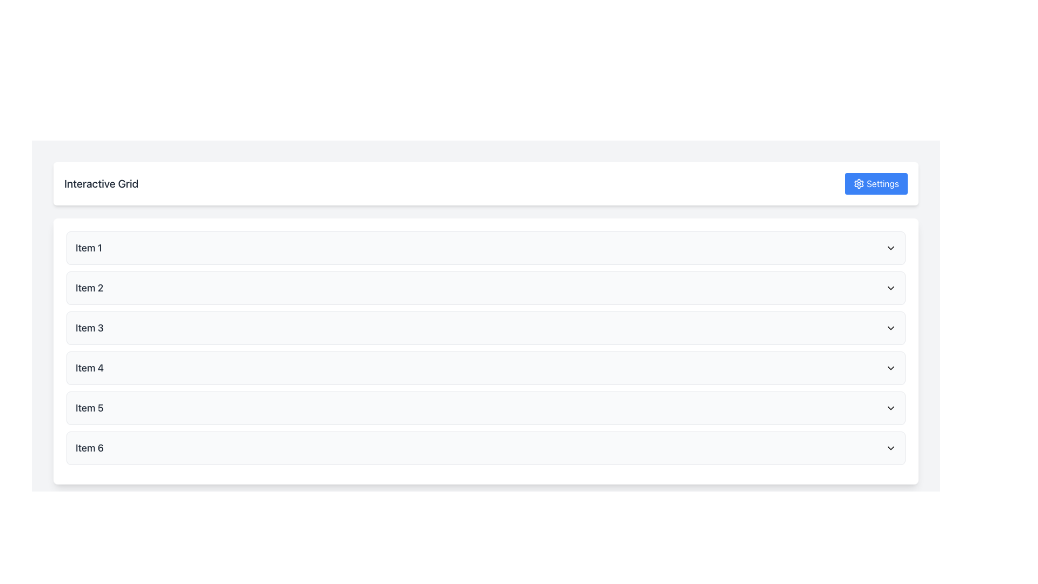 The width and height of the screenshot is (1038, 584). What do you see at coordinates (485, 248) in the screenshot?
I see `the first list item labeled 'Item 1' with a dropdown indicator` at bounding box center [485, 248].